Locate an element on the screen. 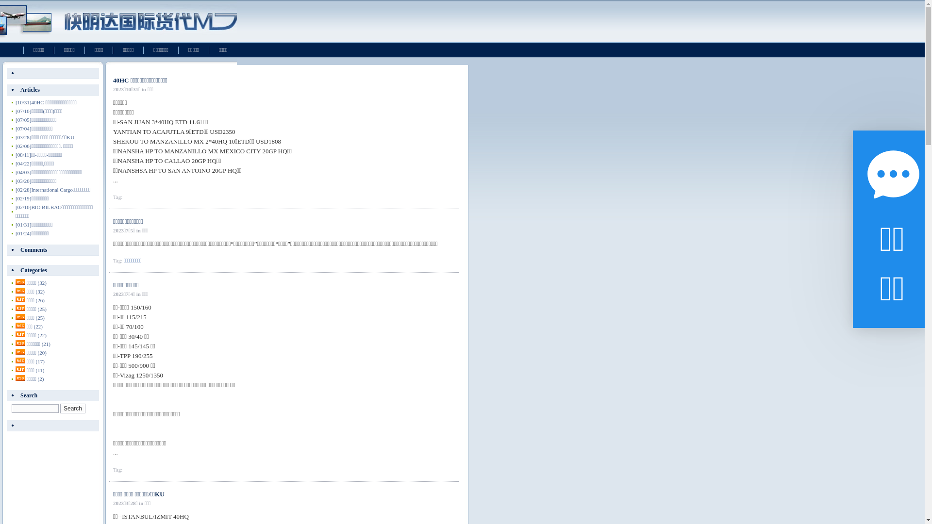  'rss' is located at coordinates (20, 369).